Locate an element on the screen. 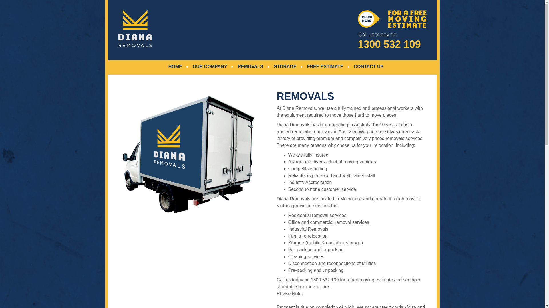  '1300 532 109' is located at coordinates (392, 30).